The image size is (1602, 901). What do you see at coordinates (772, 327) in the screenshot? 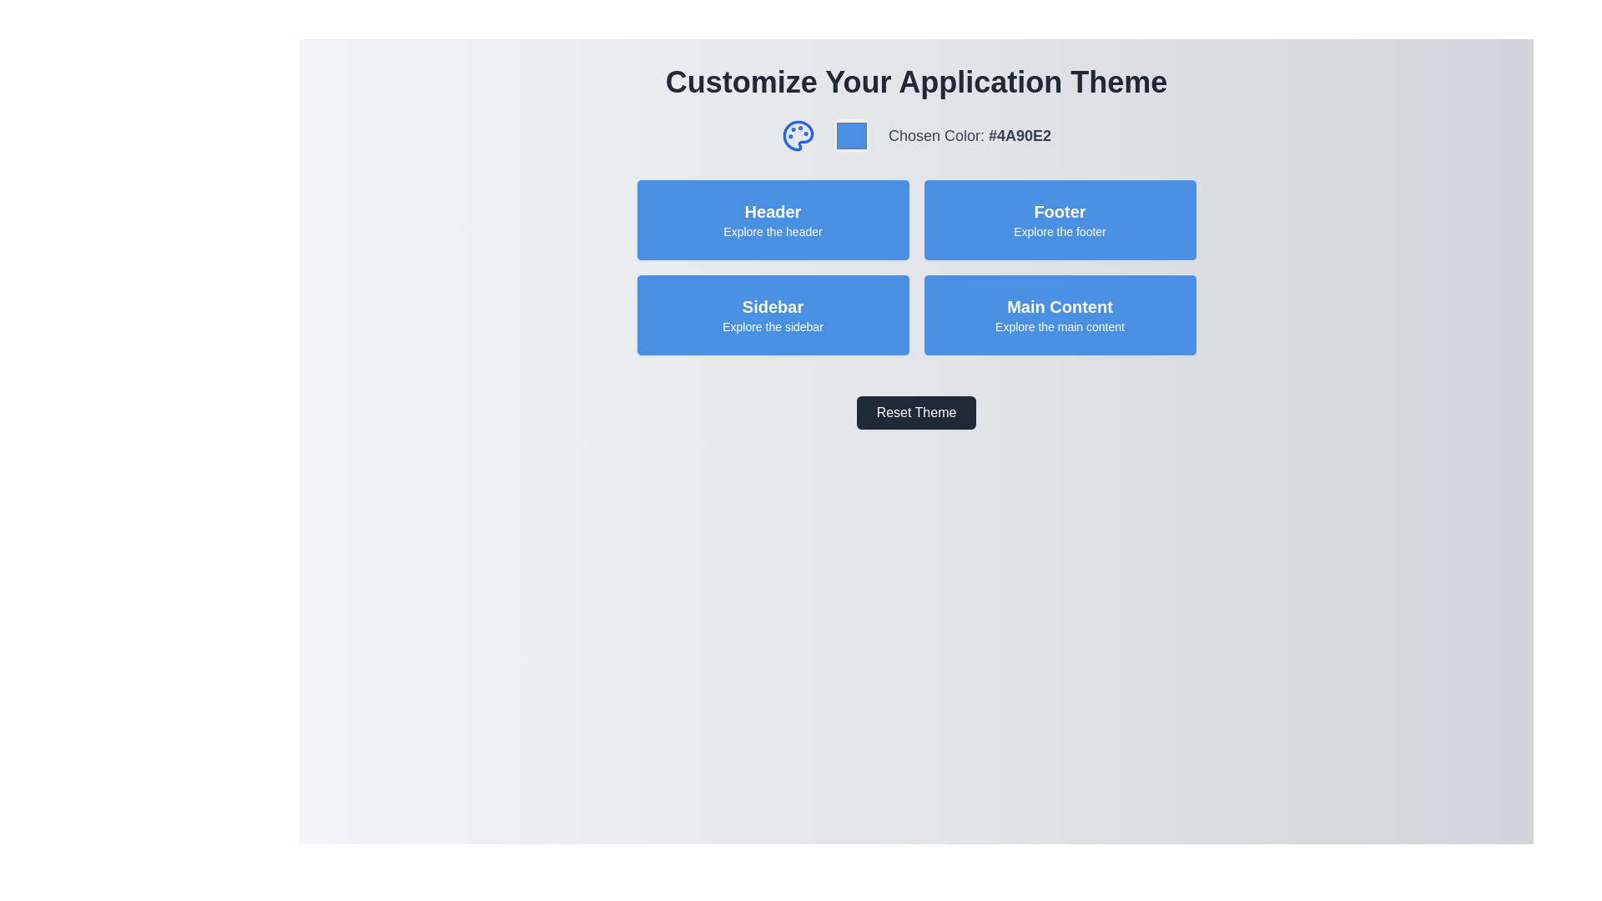
I see `the informational text label that describes the 'Sidebar' button, located centrally at the lower half of the blue button labeled 'Sidebar'` at bounding box center [772, 327].